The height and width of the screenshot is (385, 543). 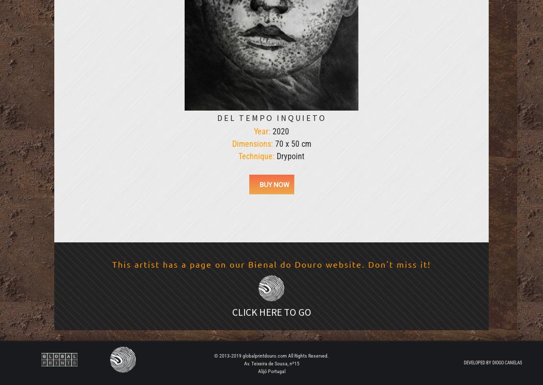 I want to click on 'This artist has a page on our Bienal do Douro website. Don't miss it!', so click(x=271, y=263).